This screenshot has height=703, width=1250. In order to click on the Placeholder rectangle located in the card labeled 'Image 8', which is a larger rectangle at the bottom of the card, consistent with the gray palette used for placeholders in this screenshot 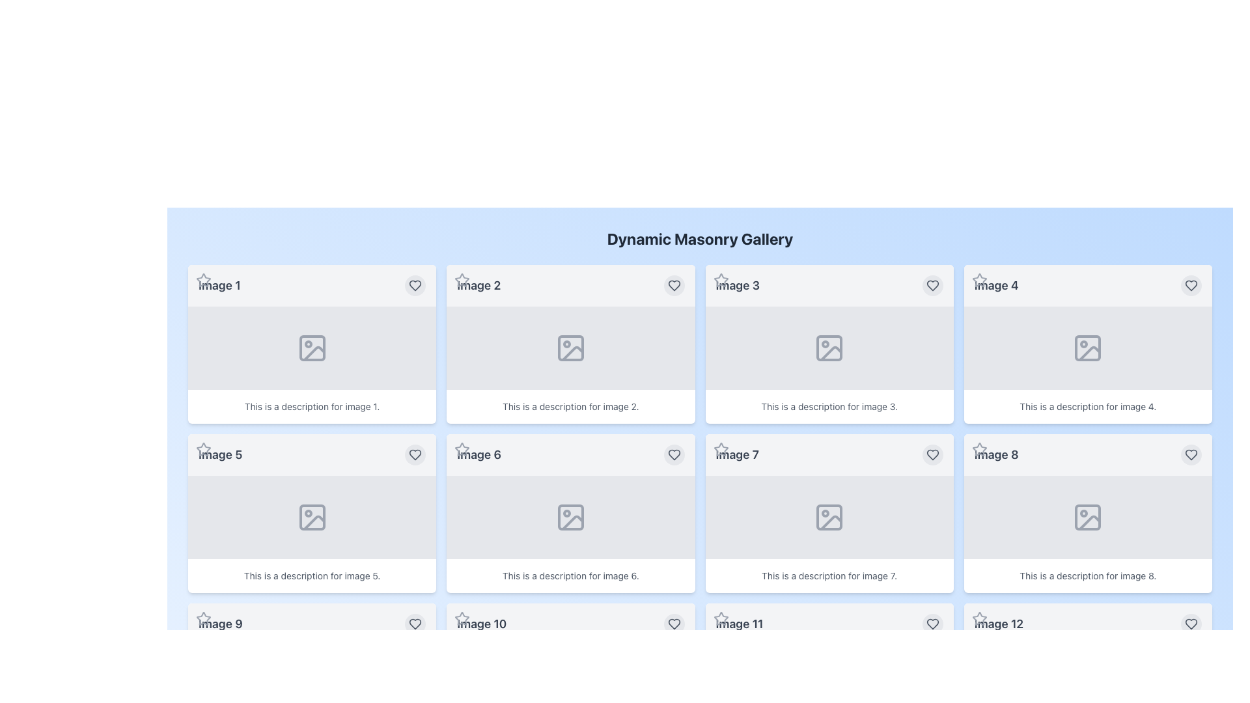, I will do `click(1088, 516)`.